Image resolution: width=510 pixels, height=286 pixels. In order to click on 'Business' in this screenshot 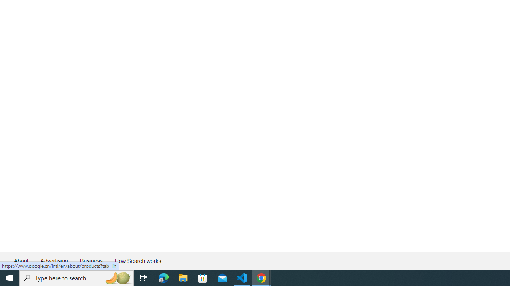, I will do `click(91, 261)`.